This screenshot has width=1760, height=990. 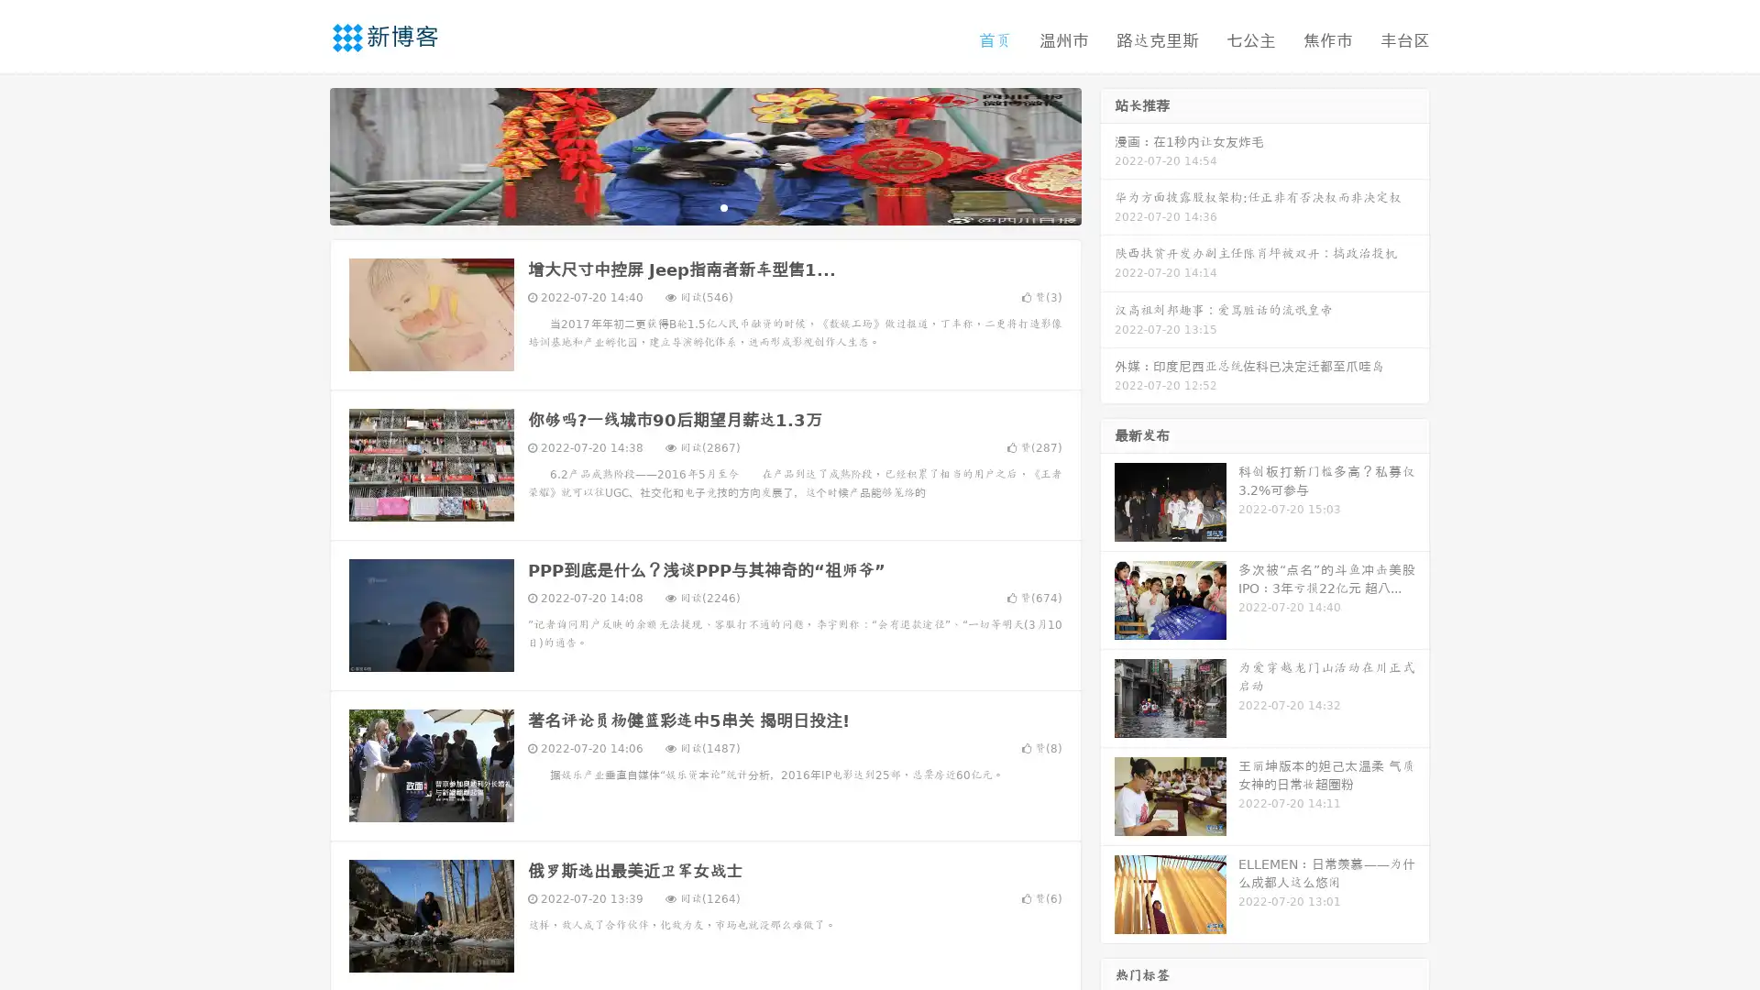 I want to click on Go to slide 3, so click(x=723, y=206).